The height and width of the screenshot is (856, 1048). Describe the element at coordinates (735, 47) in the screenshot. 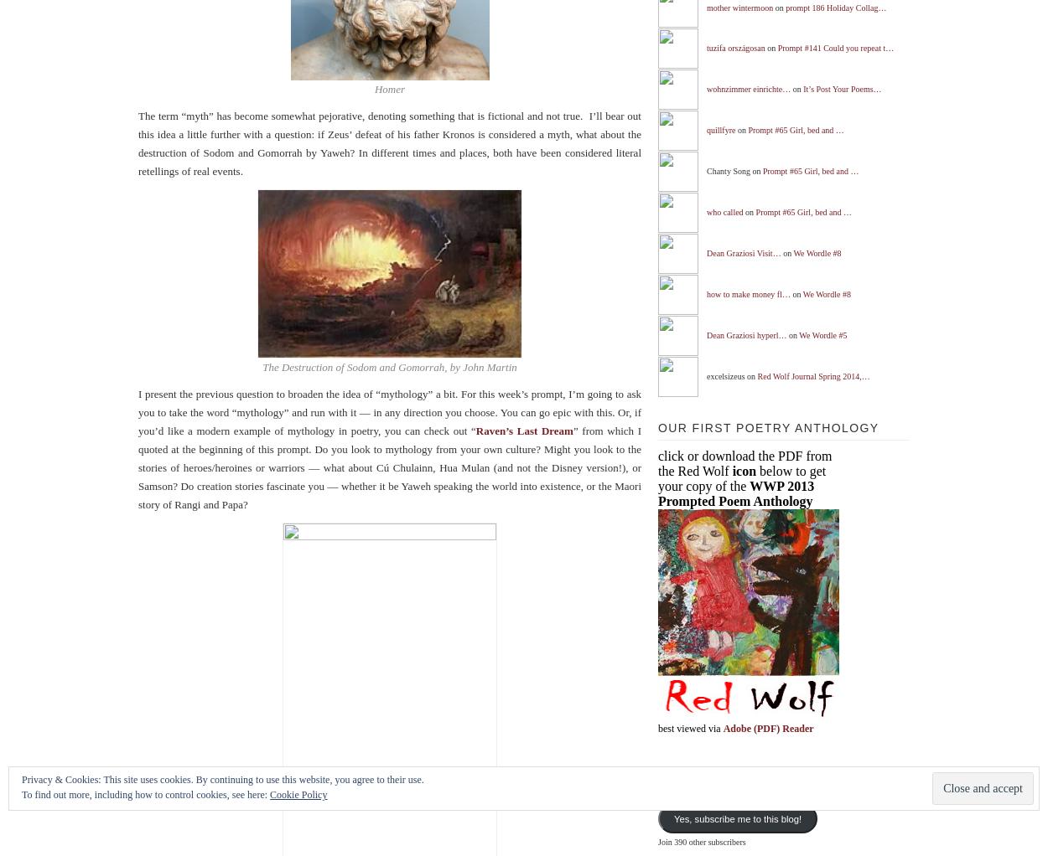

I see `'tuzifa országosan'` at that location.